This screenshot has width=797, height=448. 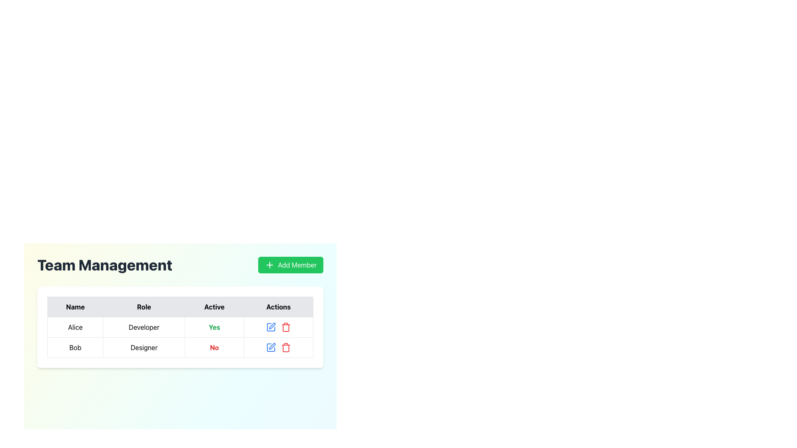 I want to click on the individual cells or buttons within the table row displaying 'Bob' as the name, 'Designer' as the role, and 'No' as the status in the 'Team Management' section, so click(x=180, y=347).